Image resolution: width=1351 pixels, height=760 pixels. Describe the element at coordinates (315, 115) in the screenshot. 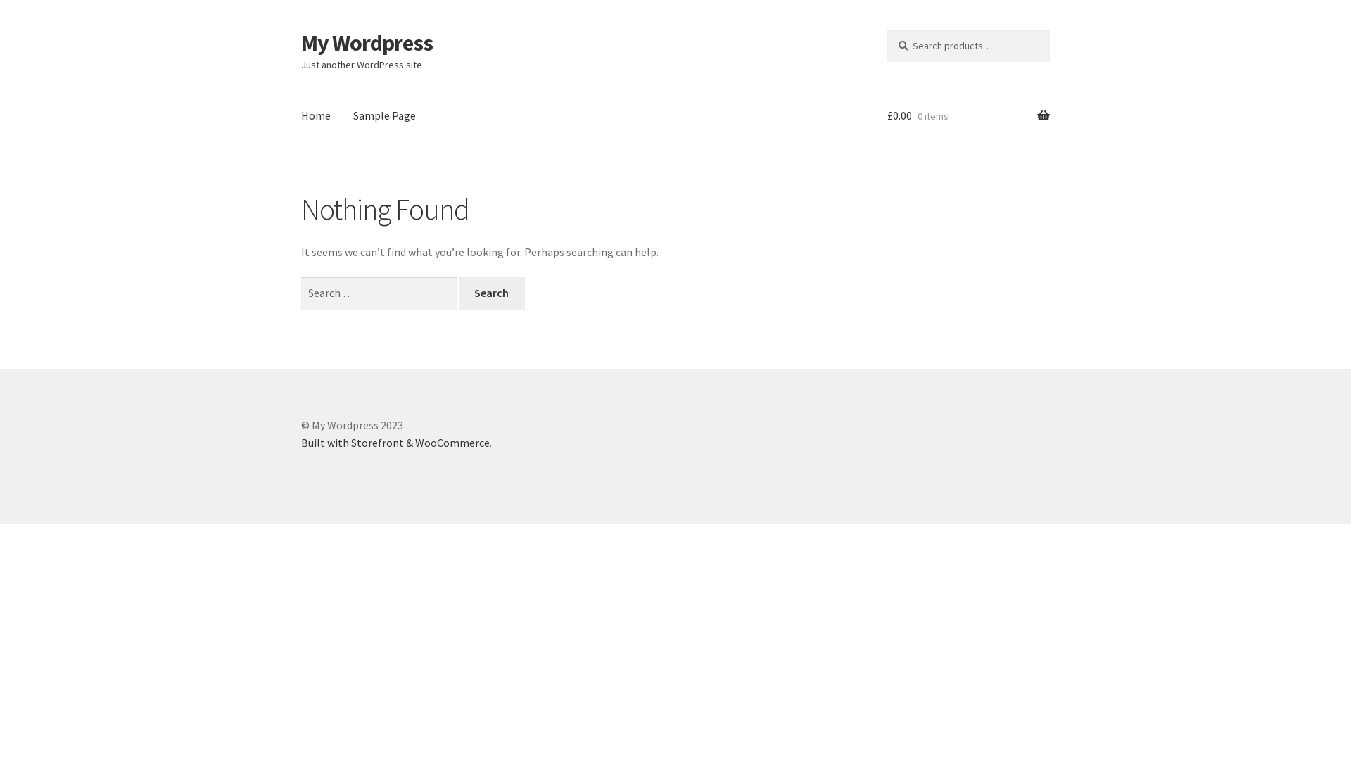

I see `'Home'` at that location.